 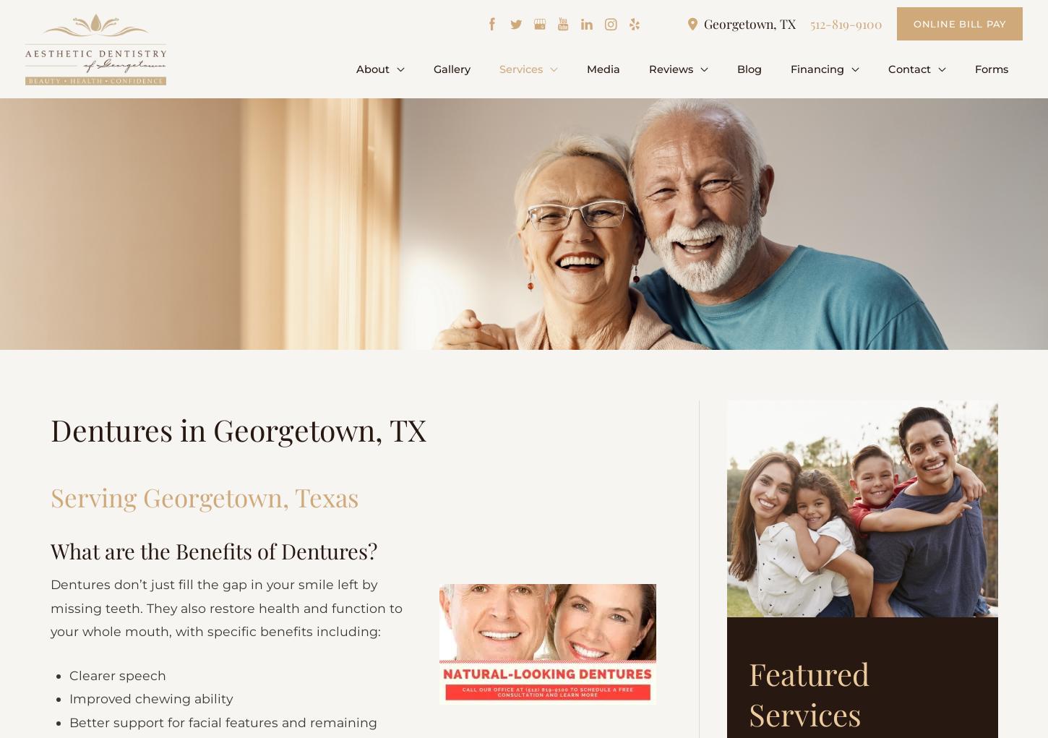 I want to click on 'Forms', so click(x=993, y=68).